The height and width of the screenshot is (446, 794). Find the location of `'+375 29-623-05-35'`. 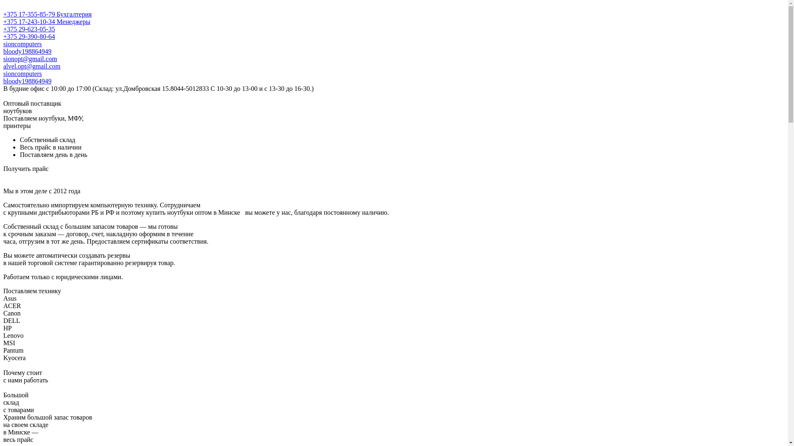

'+375 29-623-05-35' is located at coordinates (29, 28).